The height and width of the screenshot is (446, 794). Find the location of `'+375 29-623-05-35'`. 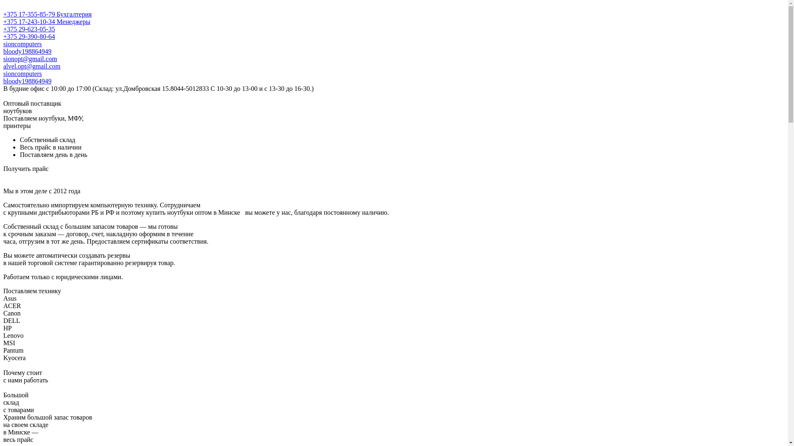

'+375 29-623-05-35' is located at coordinates (29, 28).